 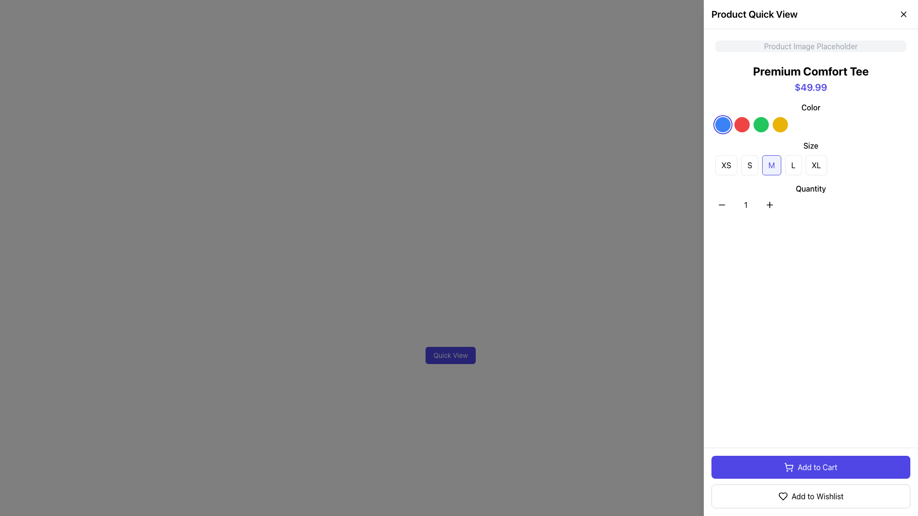 What do you see at coordinates (903, 14) in the screenshot?
I see `the close button with an 'X' icon located at the top-right corner of the 'Product Quick View' popup` at bounding box center [903, 14].